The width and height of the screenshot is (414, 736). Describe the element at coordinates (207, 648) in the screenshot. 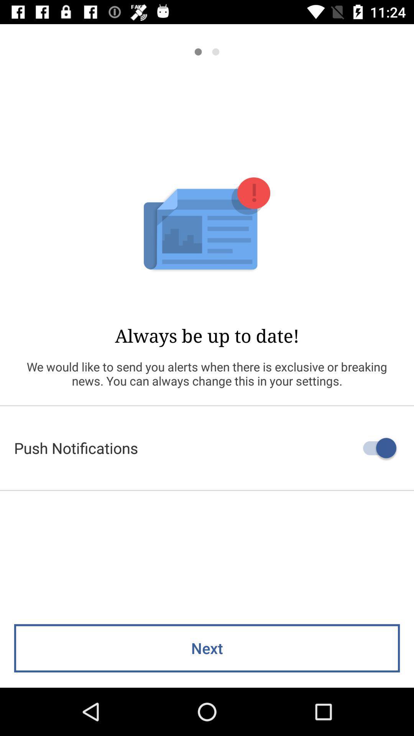

I see `next` at that location.